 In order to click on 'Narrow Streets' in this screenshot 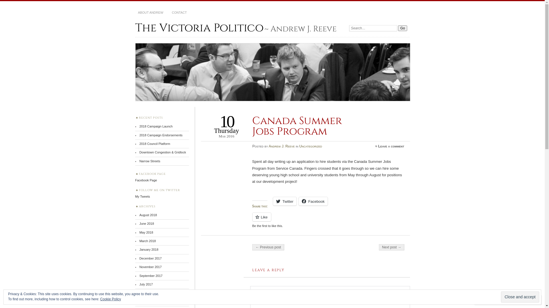, I will do `click(150, 161)`.